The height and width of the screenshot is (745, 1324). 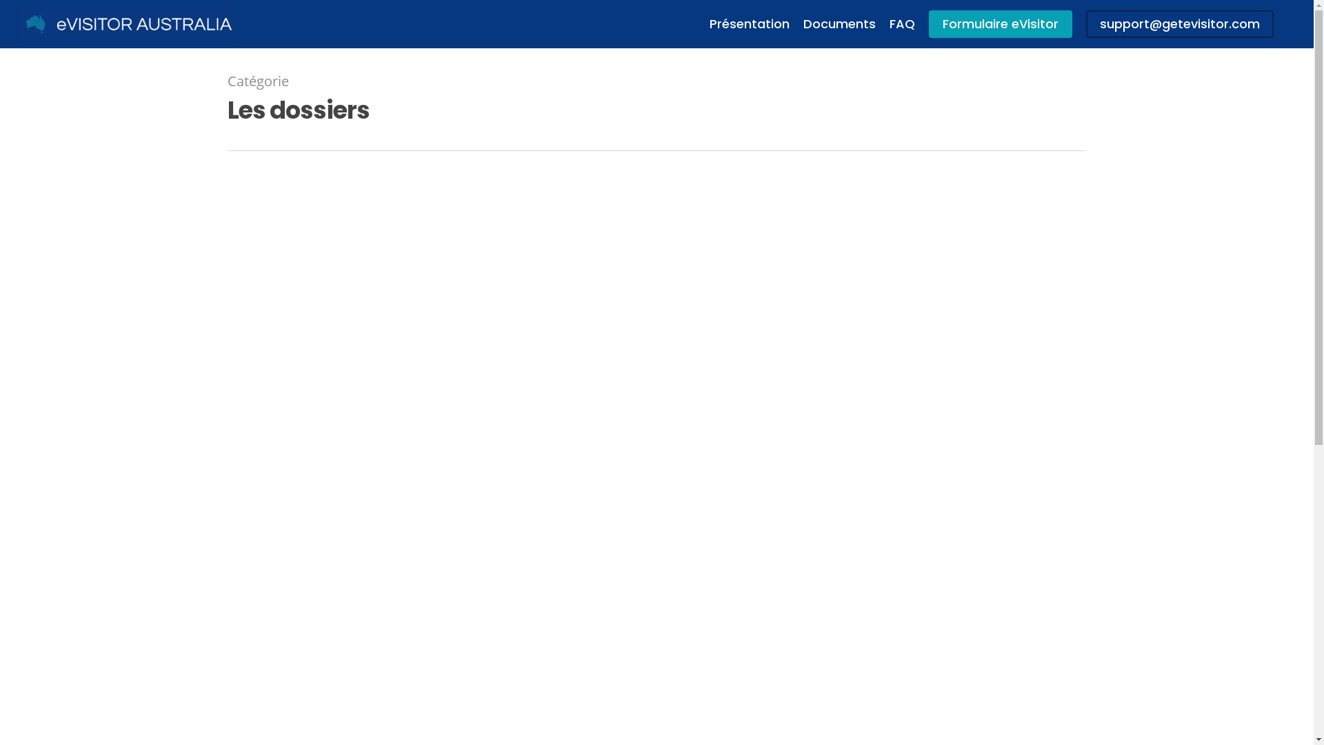 I want to click on 'support@getevisitor.com', so click(x=1085, y=23).